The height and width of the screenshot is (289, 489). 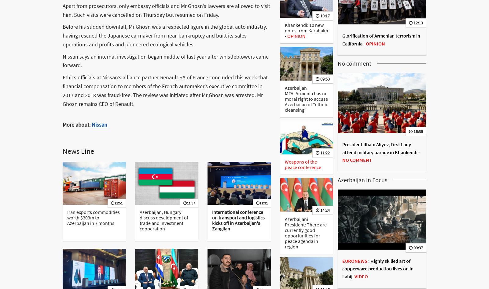 What do you see at coordinates (379, 38) in the screenshot?
I see `'First Lady Mehriban Aliyeva addresses participants of “One Heart for Palestine” meeting'` at bounding box center [379, 38].